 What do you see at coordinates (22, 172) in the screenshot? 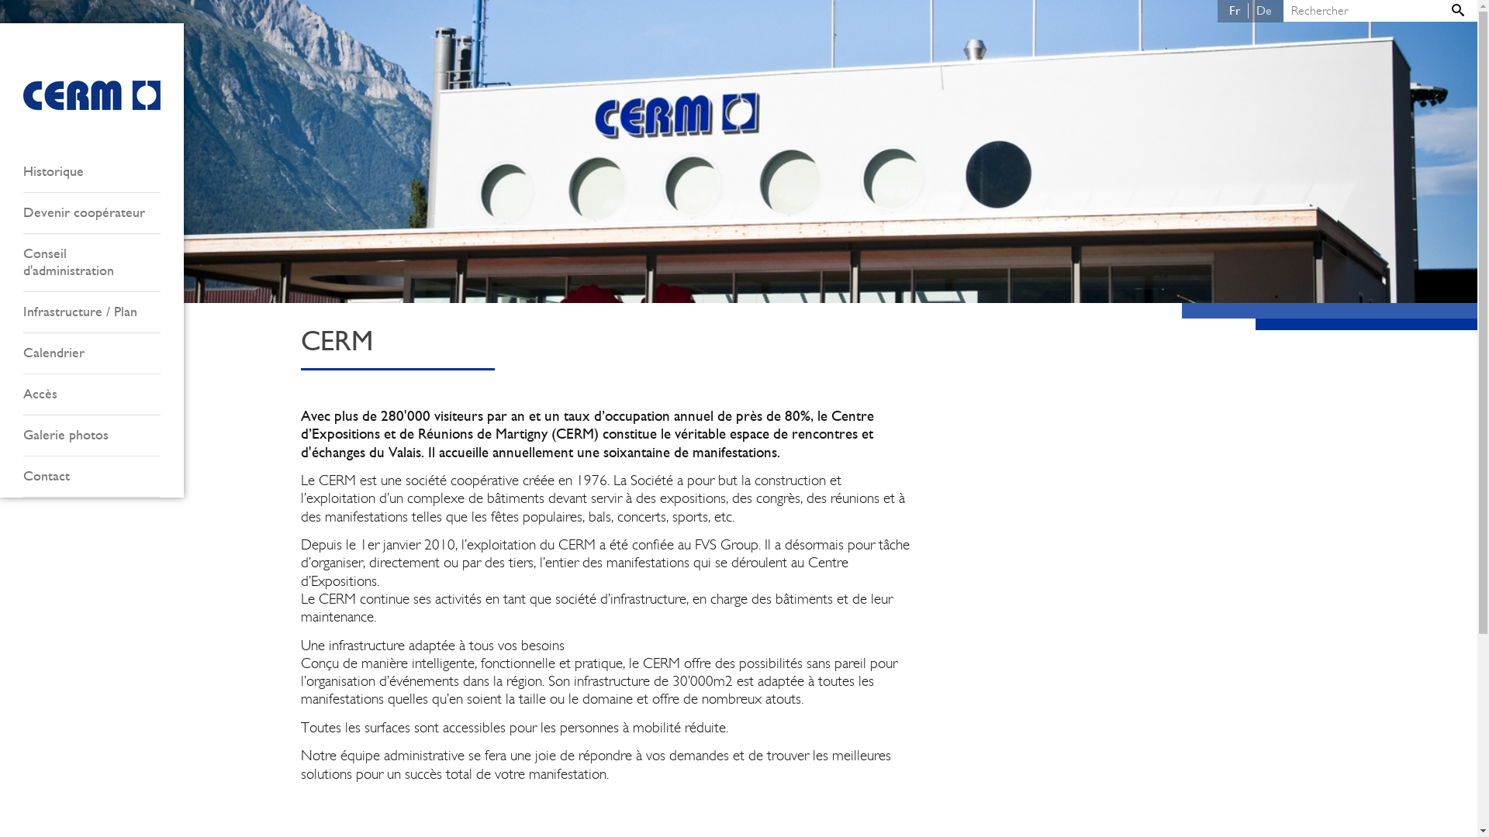
I see `'Historique'` at bounding box center [22, 172].